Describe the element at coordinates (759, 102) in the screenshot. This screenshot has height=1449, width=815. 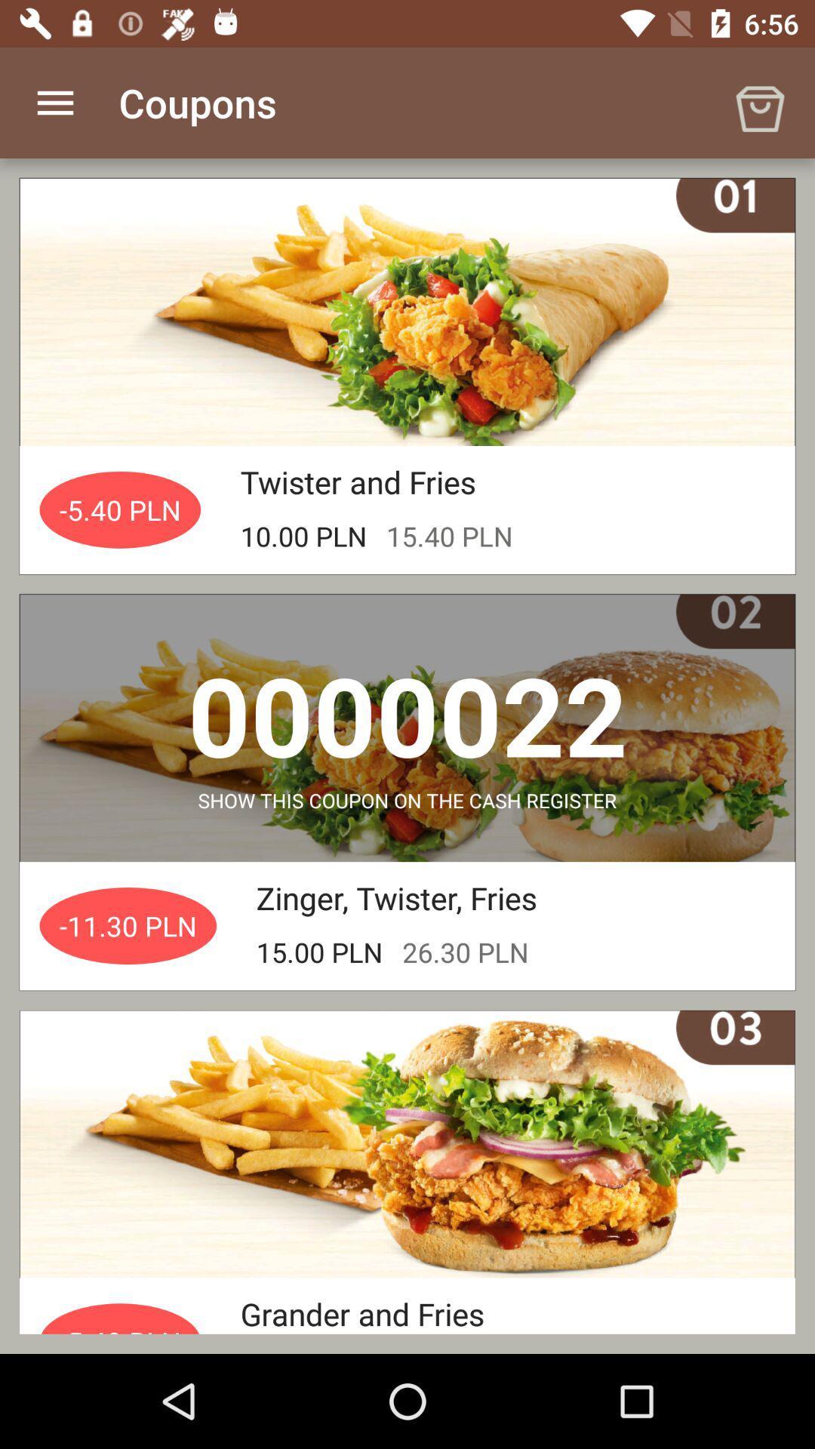
I see `the icon at the top right corner` at that location.